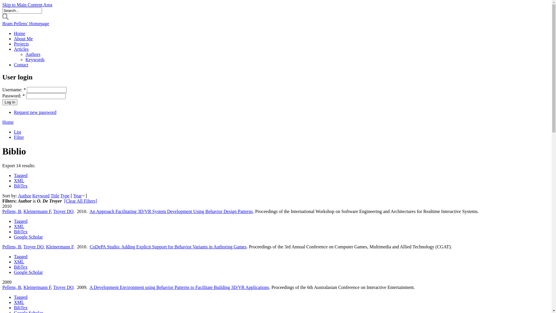 This screenshot has width=556, height=313. I want to click on 'Articles', so click(14, 49).